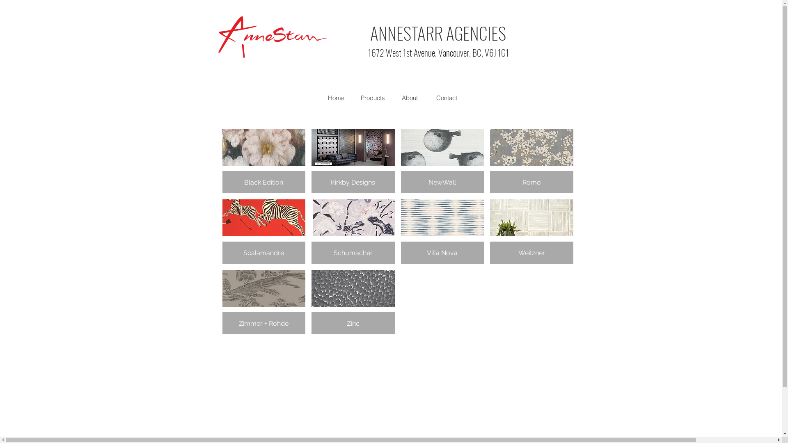 This screenshot has height=443, width=788. Describe the element at coordinates (442, 231) in the screenshot. I see `'Villa Nova'` at that location.